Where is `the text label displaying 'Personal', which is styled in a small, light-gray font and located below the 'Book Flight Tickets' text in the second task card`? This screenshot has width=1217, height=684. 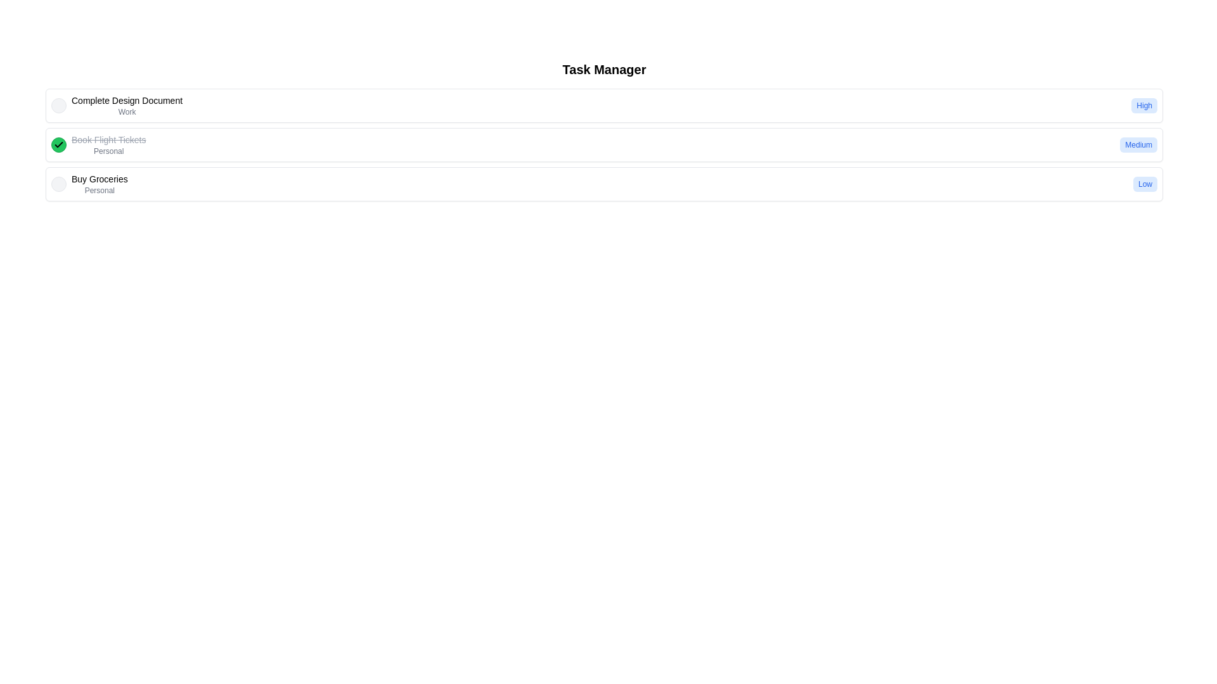
the text label displaying 'Personal', which is styled in a small, light-gray font and located below the 'Book Flight Tickets' text in the second task card is located at coordinates (108, 151).